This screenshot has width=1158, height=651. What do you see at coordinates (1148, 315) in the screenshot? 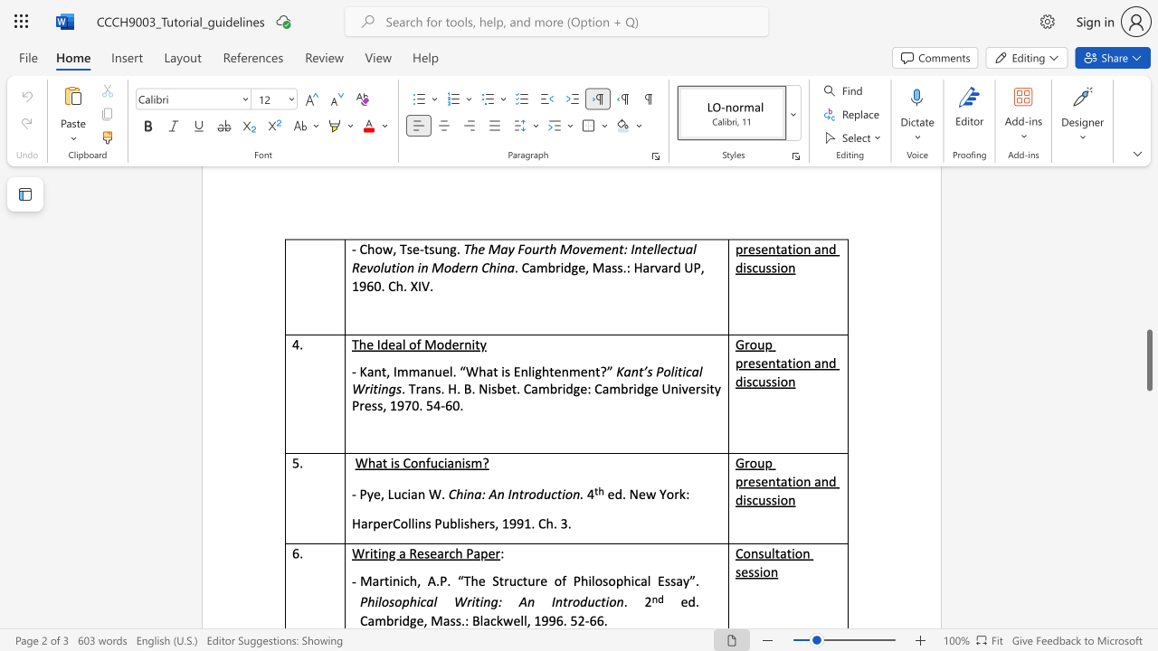
I see `the vertical scrollbar to raise the page content` at bounding box center [1148, 315].